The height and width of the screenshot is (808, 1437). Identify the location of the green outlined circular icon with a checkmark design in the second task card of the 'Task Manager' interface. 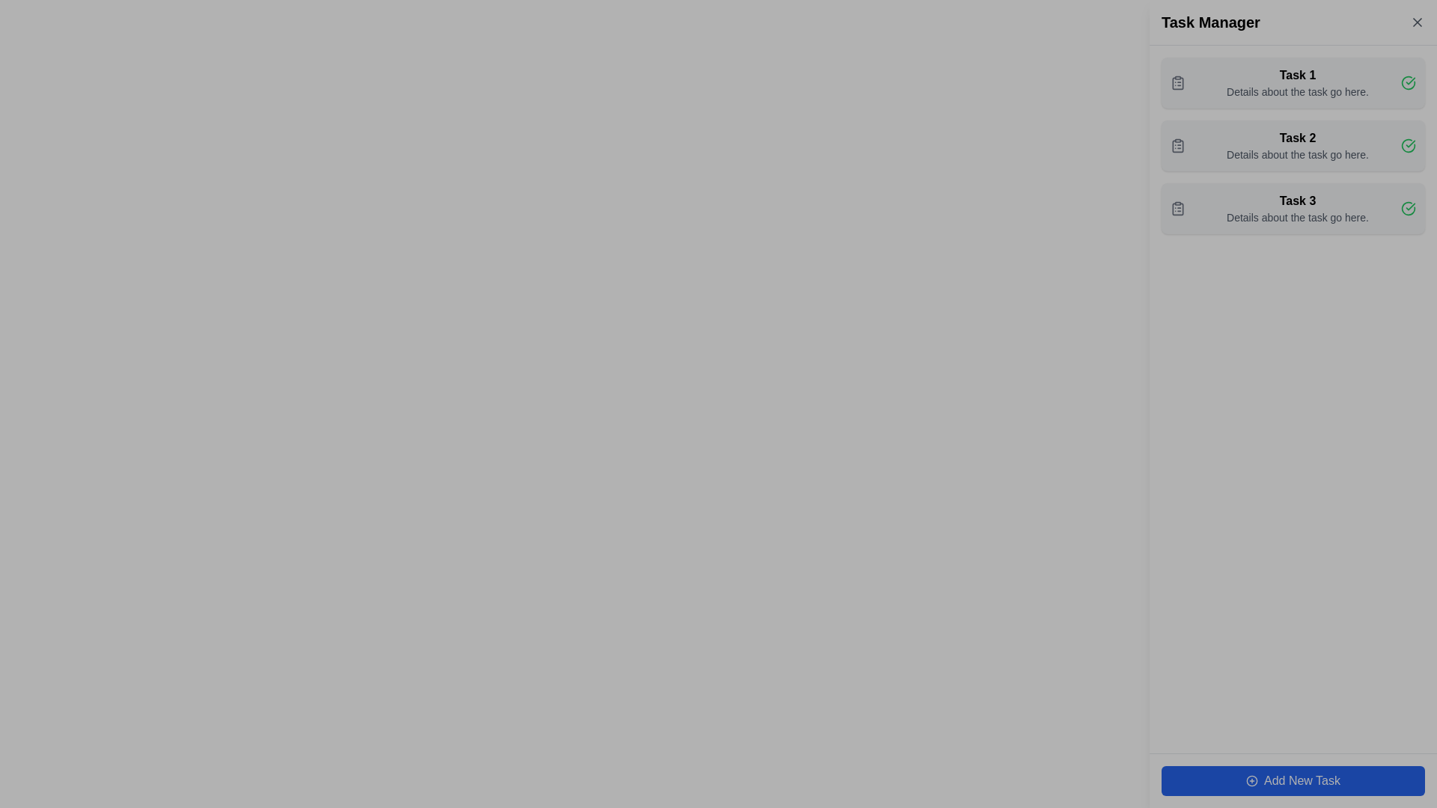
(1407, 144).